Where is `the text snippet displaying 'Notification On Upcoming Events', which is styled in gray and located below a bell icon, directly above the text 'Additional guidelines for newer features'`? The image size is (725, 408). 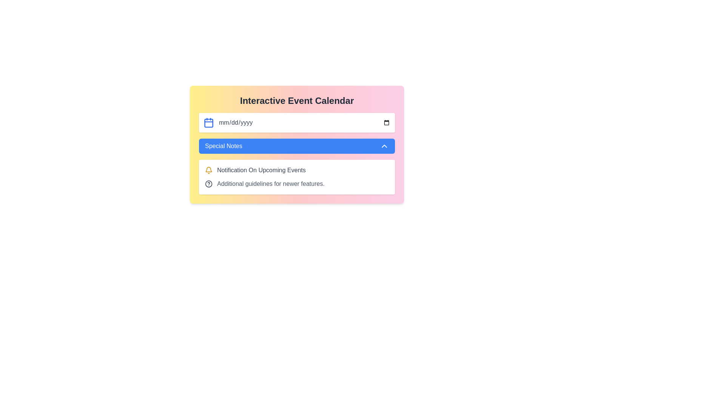 the text snippet displaying 'Notification On Upcoming Events', which is styled in gray and located below a bell icon, directly above the text 'Additional guidelines for newer features' is located at coordinates (261, 170).